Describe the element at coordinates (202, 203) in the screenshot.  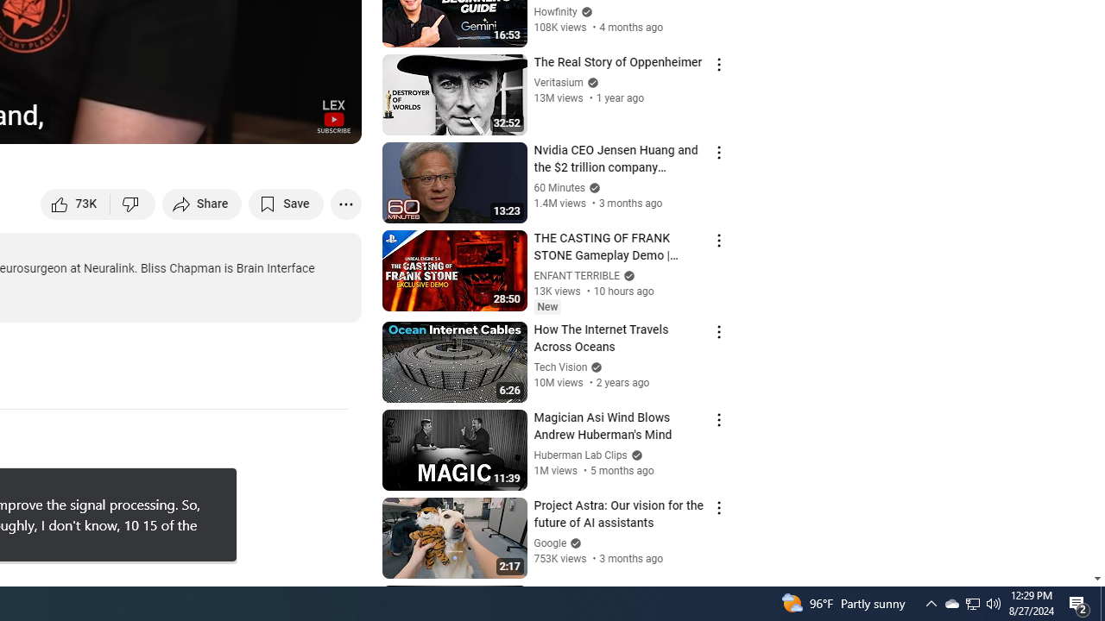
I see `'Share'` at that location.